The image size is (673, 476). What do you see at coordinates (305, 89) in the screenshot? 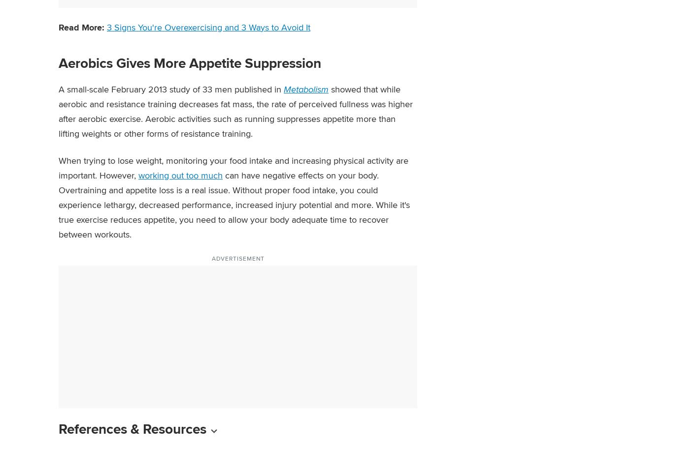
I see `'Metabolism'` at bounding box center [305, 89].